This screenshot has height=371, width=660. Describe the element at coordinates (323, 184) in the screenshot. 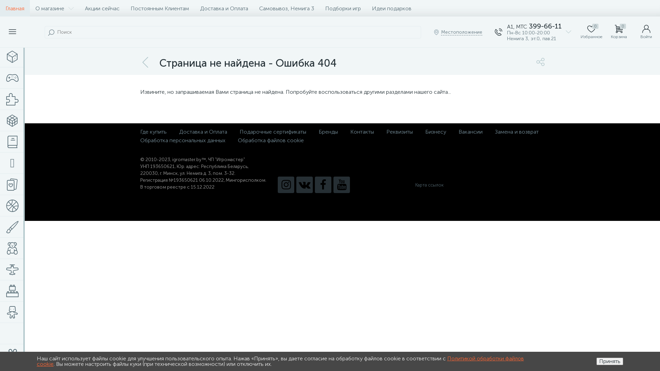

I see `'Facebook'` at that location.